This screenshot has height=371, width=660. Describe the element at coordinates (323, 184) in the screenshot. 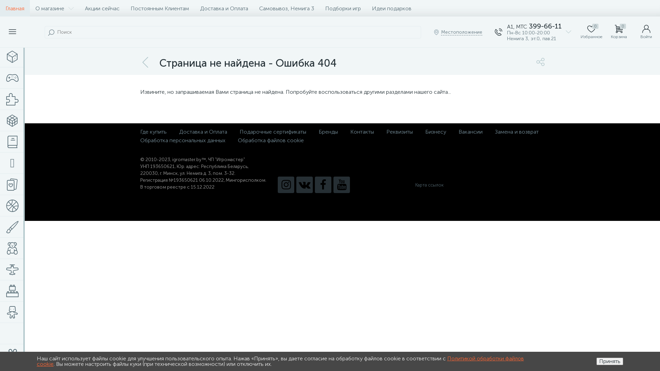

I see `'Facebook'` at that location.